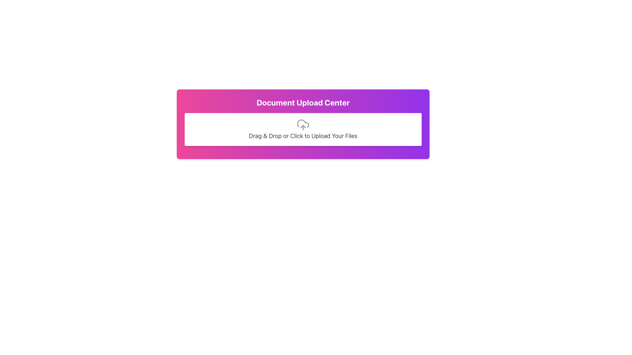 The height and width of the screenshot is (355, 632). What do you see at coordinates (303, 124) in the screenshot?
I see `the interactive panel titled 'Document Upload Center' which has a gradient background transitioning from pink to purple and contains the upload instructions` at bounding box center [303, 124].